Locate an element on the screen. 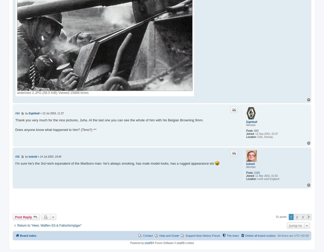 The height and width of the screenshot is (252, 324). 'Help and Guide' is located at coordinates (169, 236).